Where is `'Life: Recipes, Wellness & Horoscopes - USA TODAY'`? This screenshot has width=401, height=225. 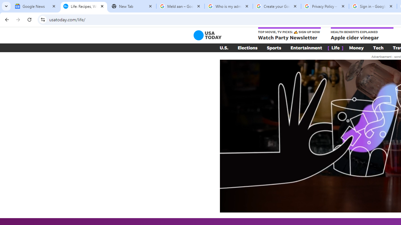 'Life: Recipes, Wellness & Horoscopes - USA TODAY' is located at coordinates (84, 6).